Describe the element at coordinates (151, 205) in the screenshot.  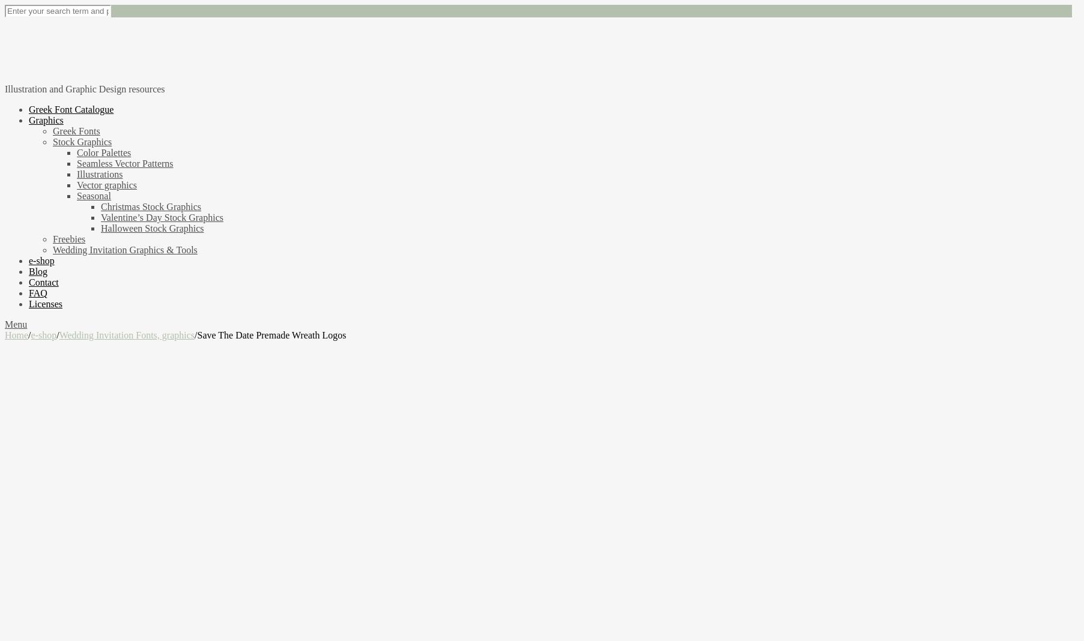
I see `'Christmas Stock Graphics'` at that location.